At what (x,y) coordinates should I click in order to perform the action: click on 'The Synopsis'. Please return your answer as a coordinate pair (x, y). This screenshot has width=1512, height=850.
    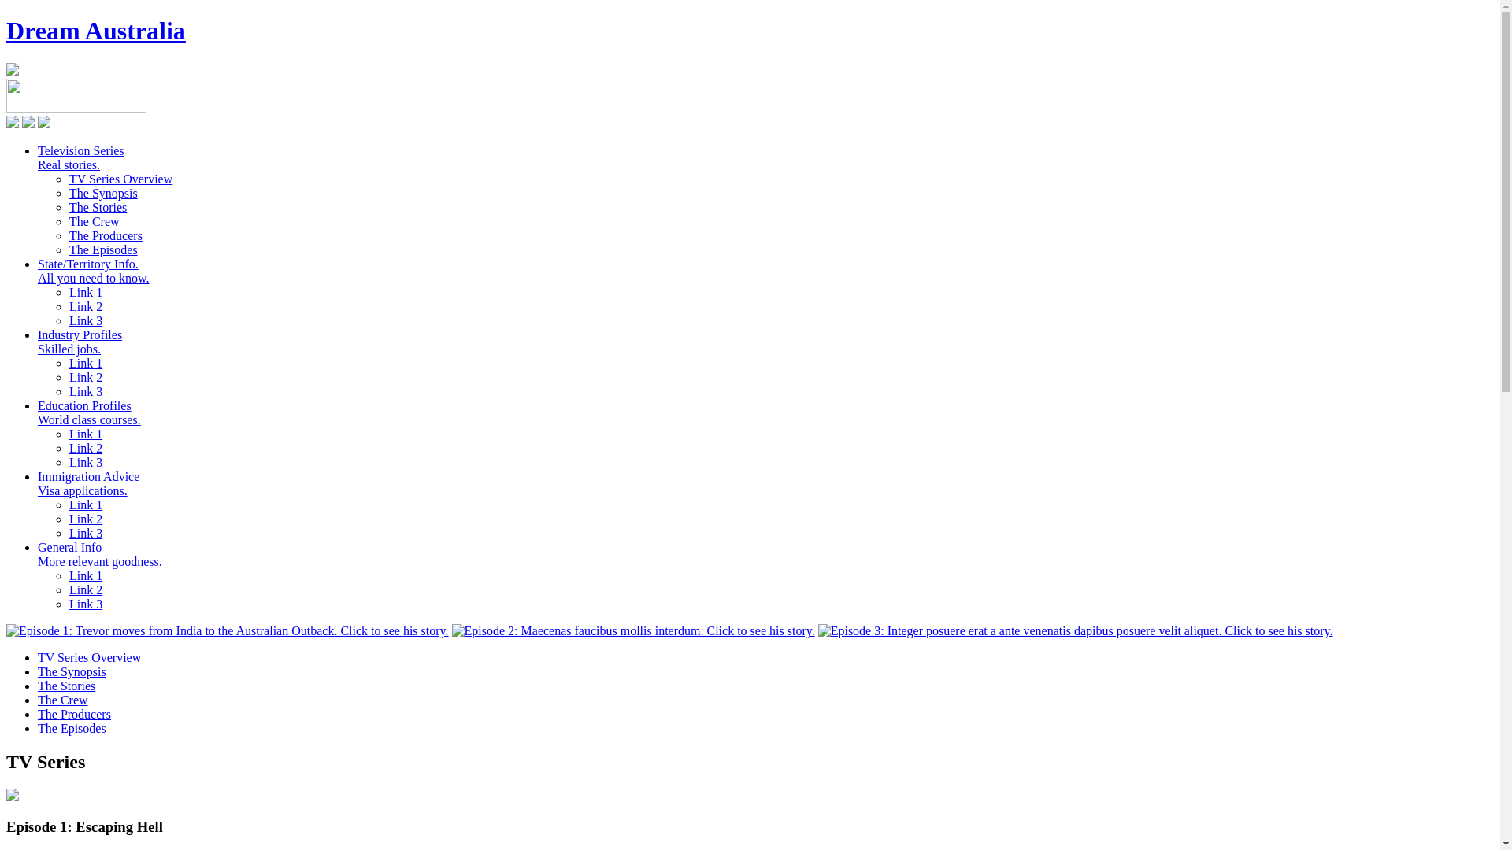
    Looking at the image, I should click on (71, 671).